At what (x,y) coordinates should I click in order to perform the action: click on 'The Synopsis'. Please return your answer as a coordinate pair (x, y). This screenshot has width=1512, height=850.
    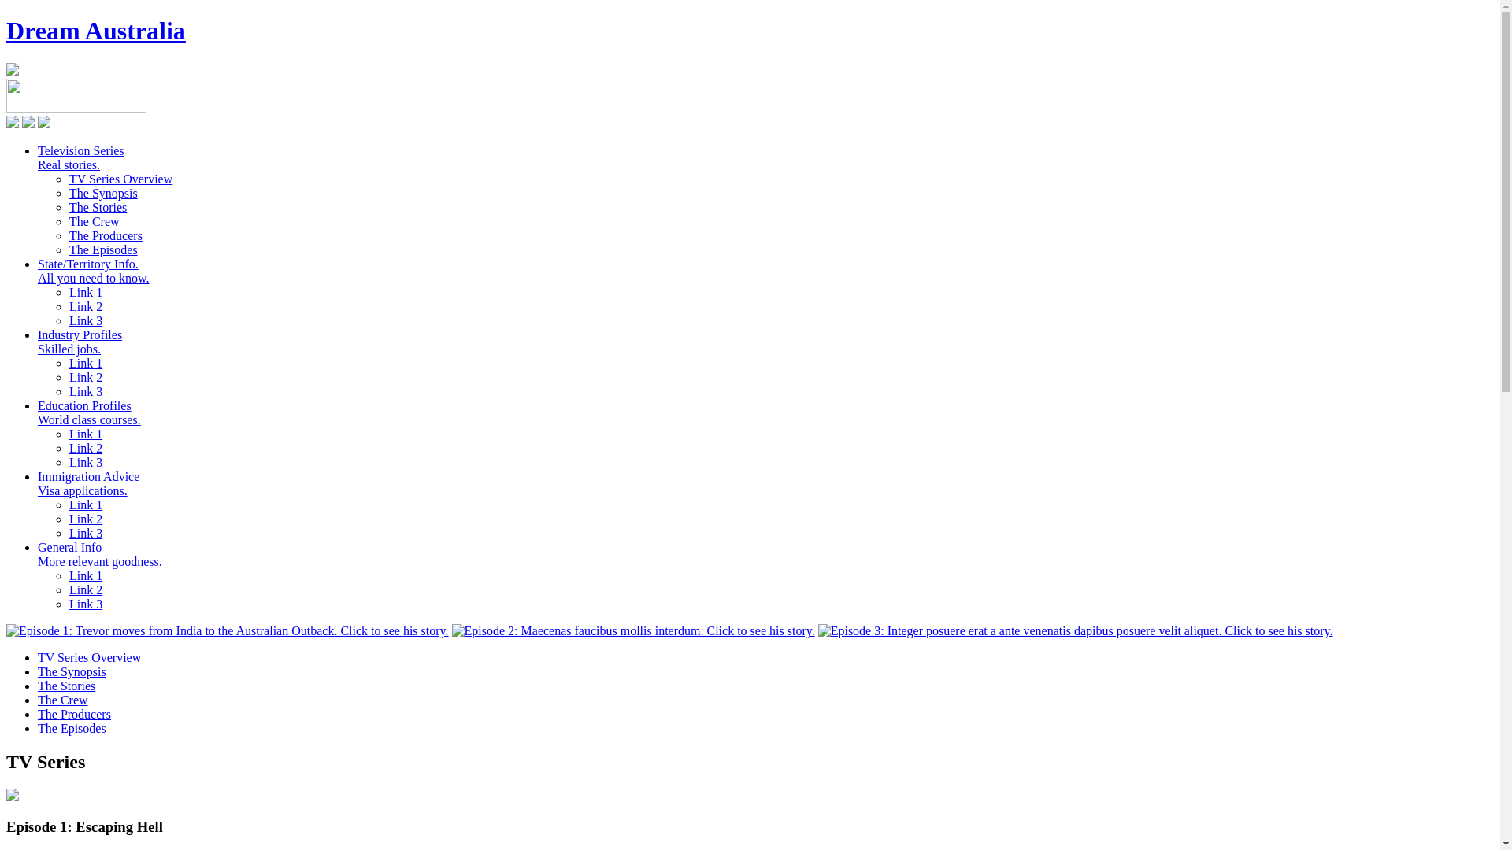
    Looking at the image, I should click on (71, 671).